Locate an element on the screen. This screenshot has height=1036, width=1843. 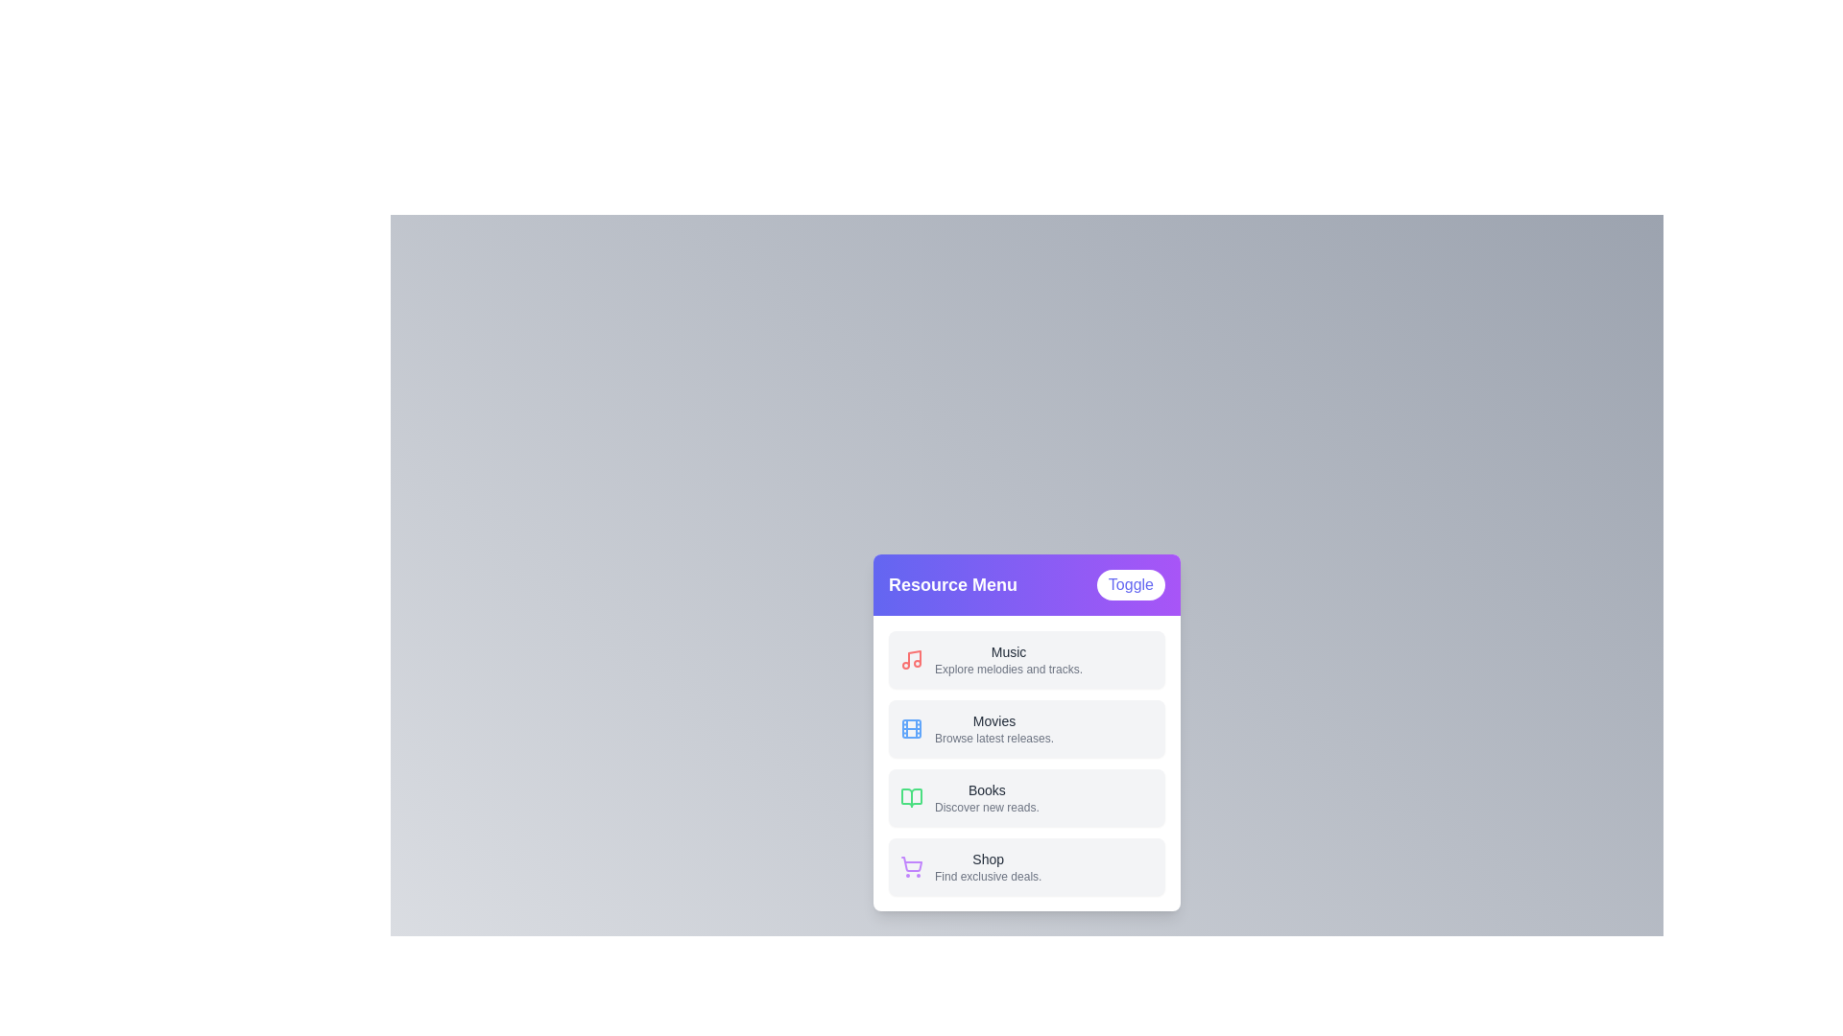
the menu item labeled Music is located at coordinates (1026, 658).